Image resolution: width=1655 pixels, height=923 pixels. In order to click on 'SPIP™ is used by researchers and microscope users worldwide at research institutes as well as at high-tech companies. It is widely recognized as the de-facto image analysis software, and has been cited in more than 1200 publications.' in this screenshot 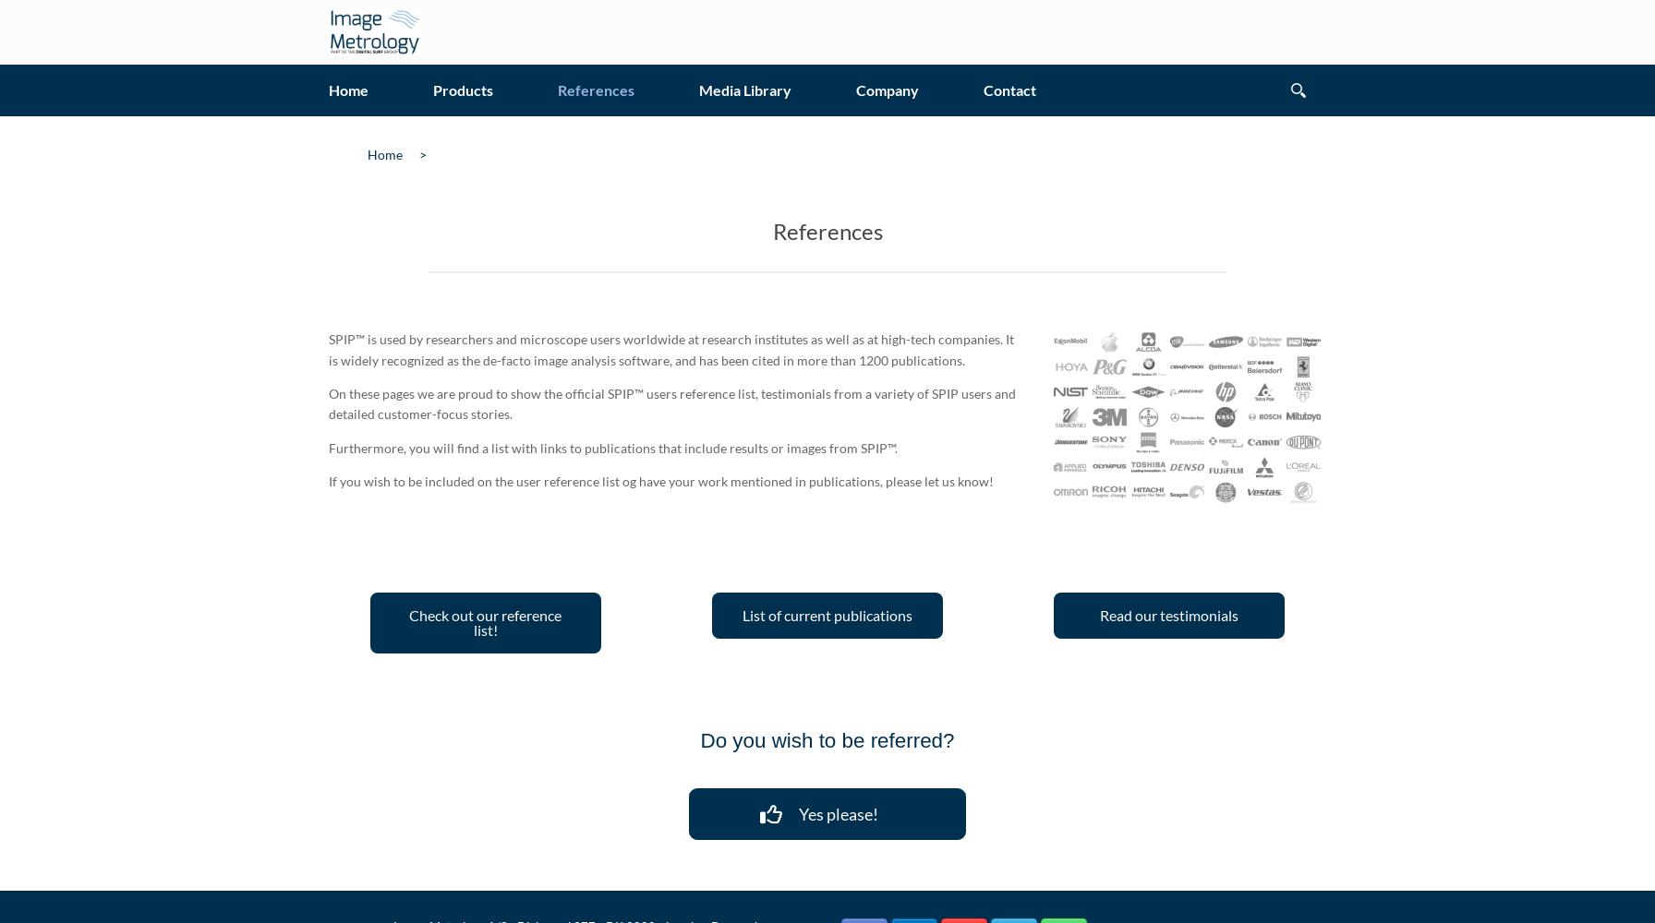, I will do `click(671, 349)`.